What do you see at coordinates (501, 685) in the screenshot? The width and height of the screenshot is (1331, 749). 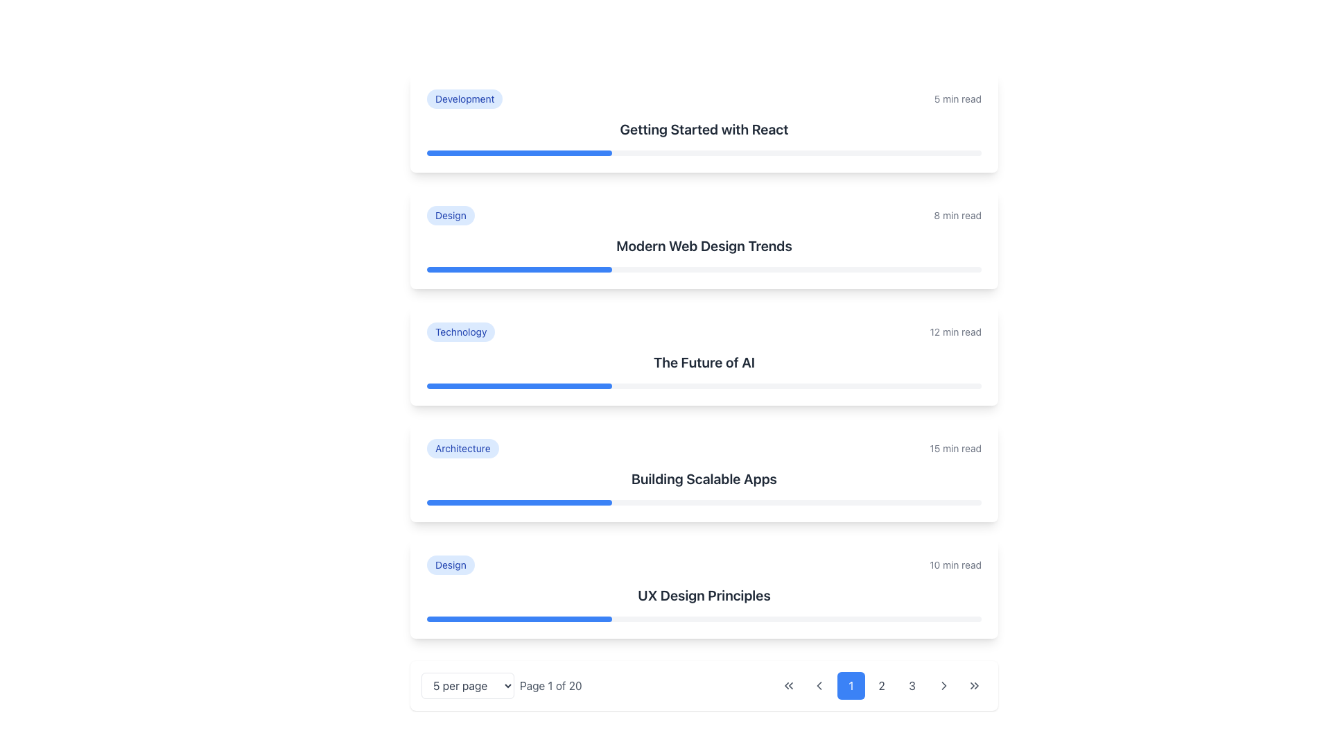 I see `the dropdown menu labeled '5 per page'` at bounding box center [501, 685].